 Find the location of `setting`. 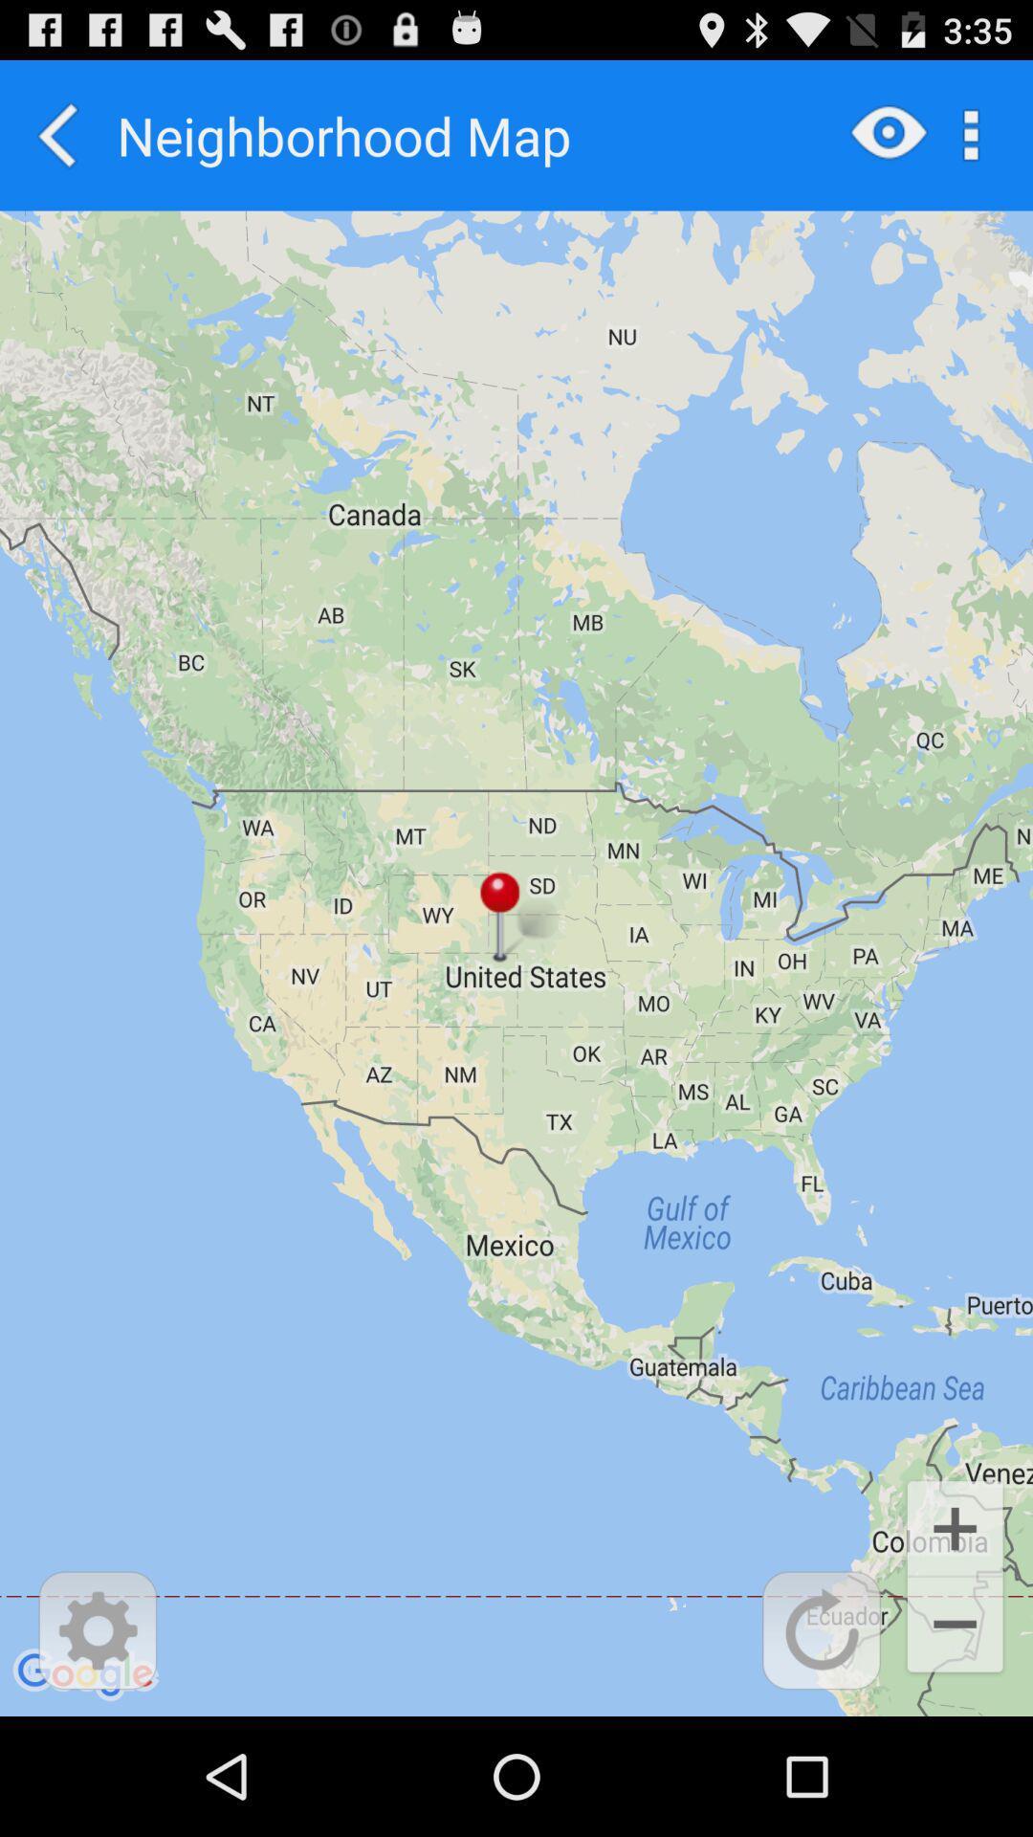

setting is located at coordinates (98, 1629).